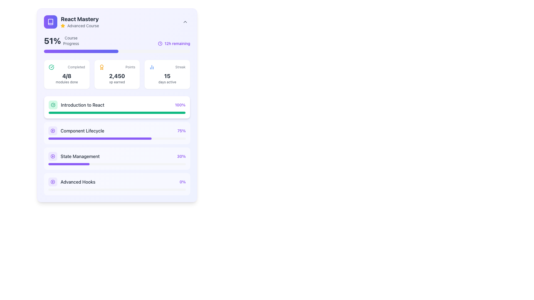 This screenshot has height=300, width=534. What do you see at coordinates (80, 26) in the screenshot?
I see `text 'Advanced Course' which is styled in a small gray font and located next to a yellow star icon, positioned below the title 'React Mastery'` at bounding box center [80, 26].